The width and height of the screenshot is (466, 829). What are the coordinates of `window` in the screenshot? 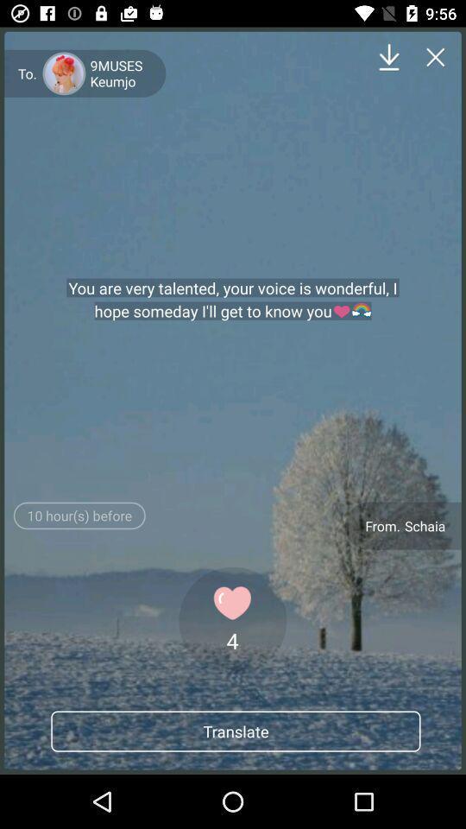 It's located at (435, 57).